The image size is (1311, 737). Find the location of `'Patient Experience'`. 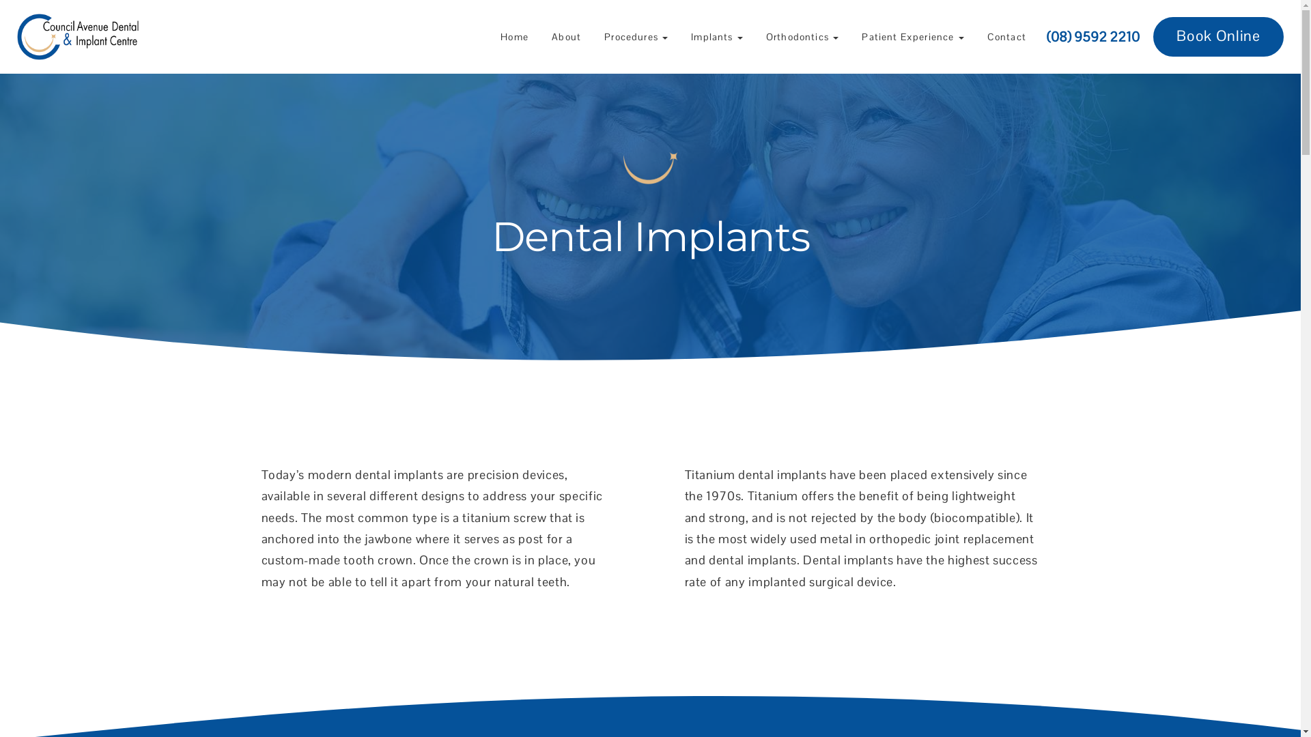

'Patient Experience' is located at coordinates (912, 36).